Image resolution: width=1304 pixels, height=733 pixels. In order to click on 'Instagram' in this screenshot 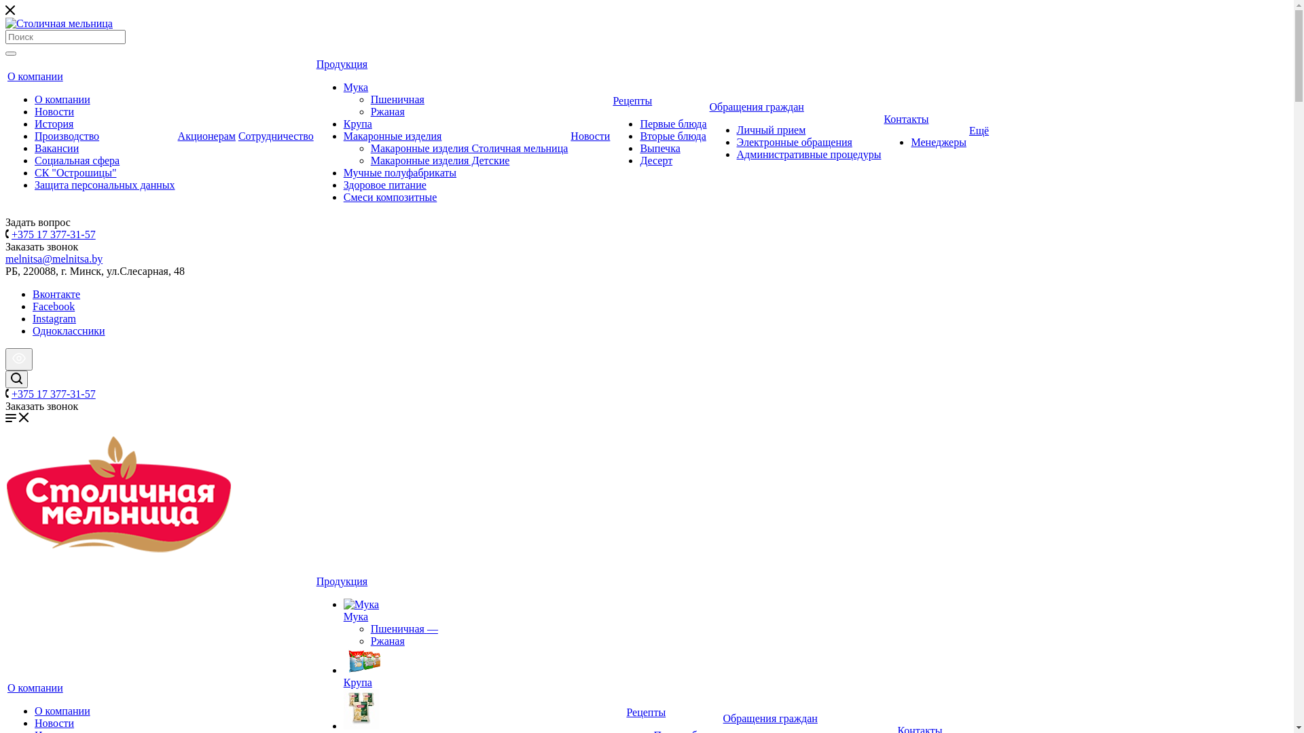, I will do `click(54, 318)`.